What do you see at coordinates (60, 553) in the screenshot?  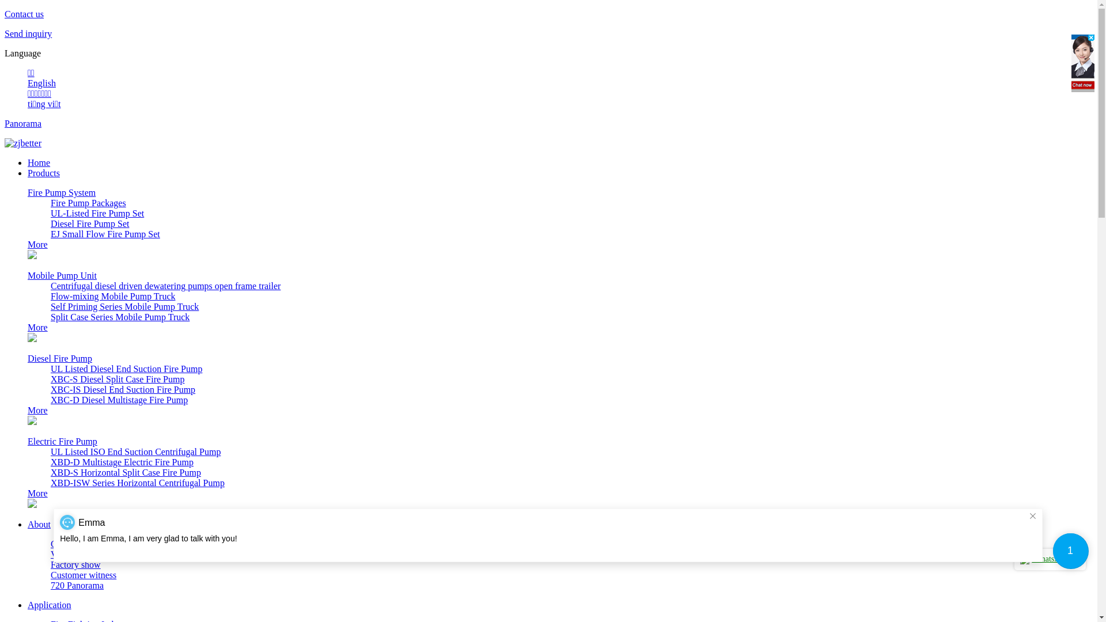 I see `'Video'` at bounding box center [60, 553].